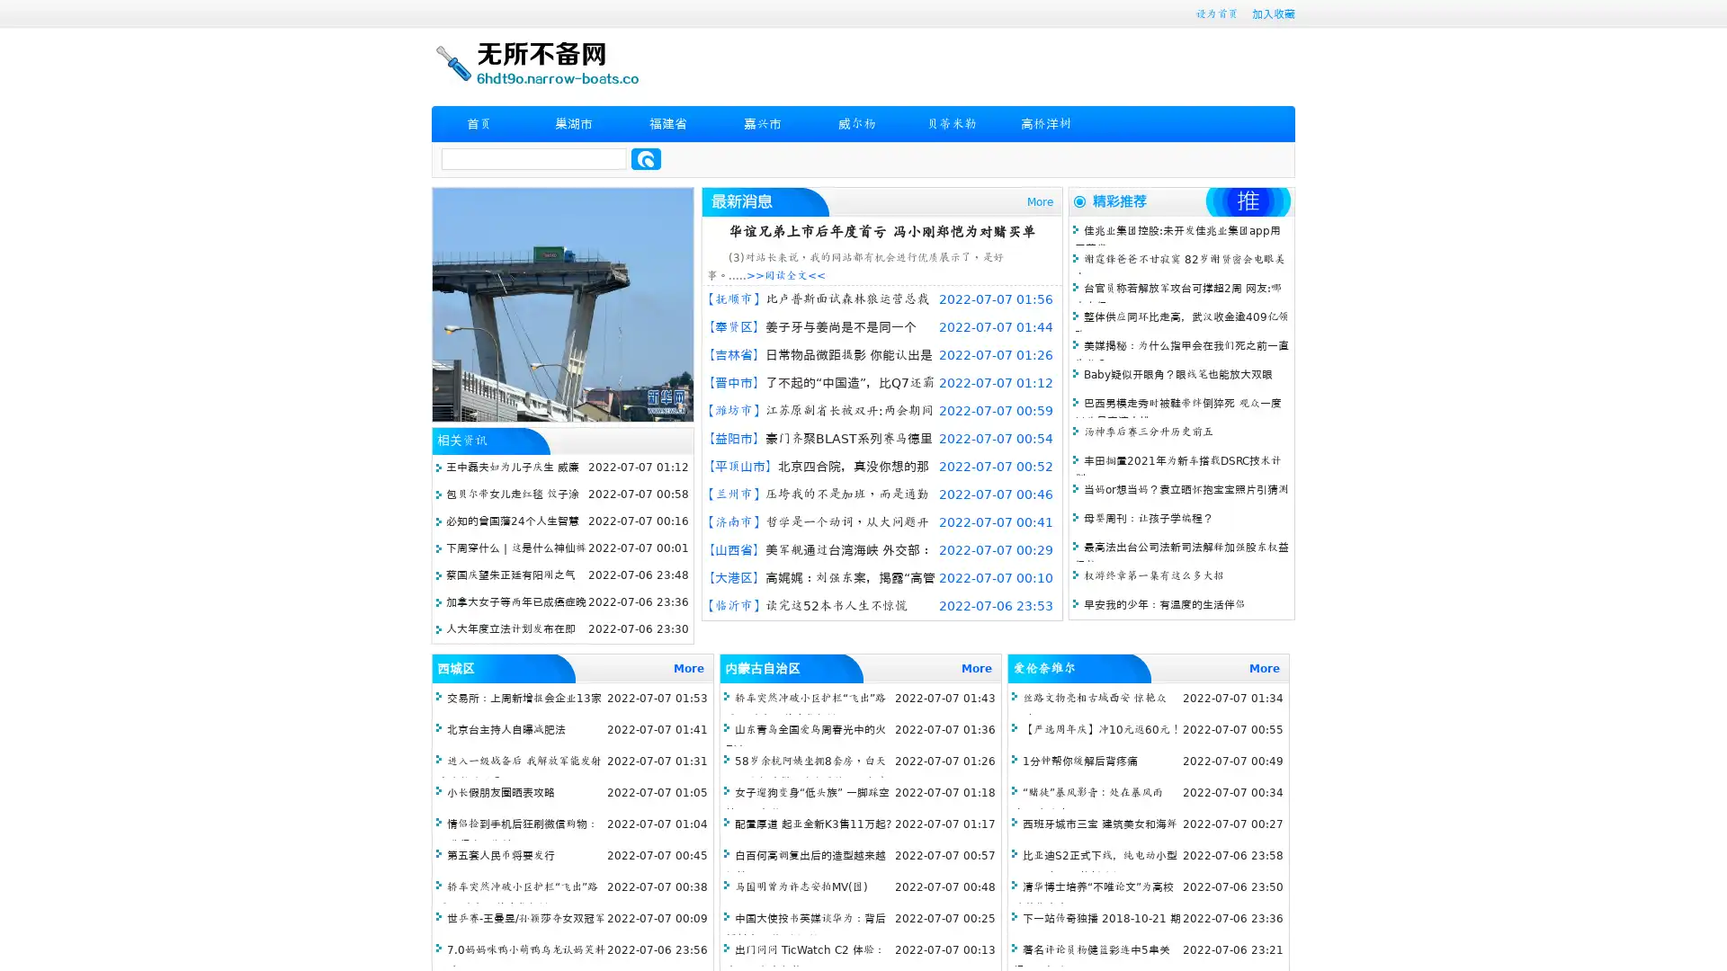 This screenshot has height=971, width=1727. I want to click on Search, so click(646, 158).